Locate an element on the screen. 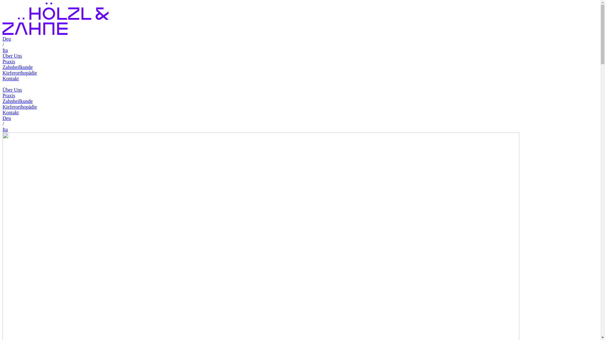  'Kontakt' is located at coordinates (10, 112).